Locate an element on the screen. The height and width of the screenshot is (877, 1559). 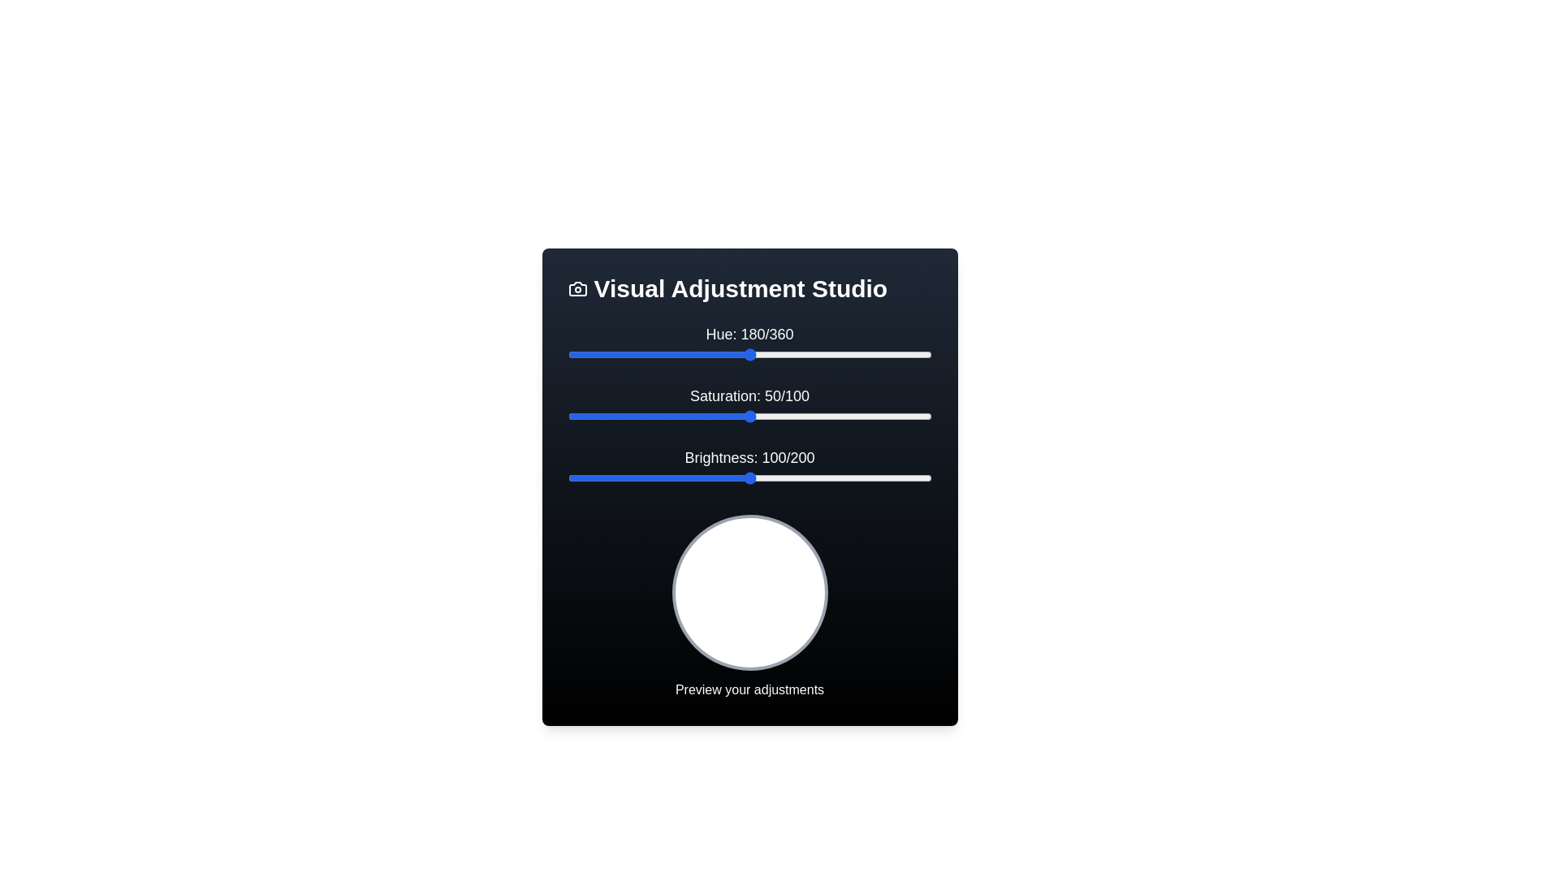
the 'Brightness' slider to 152 value is located at coordinates (844, 477).